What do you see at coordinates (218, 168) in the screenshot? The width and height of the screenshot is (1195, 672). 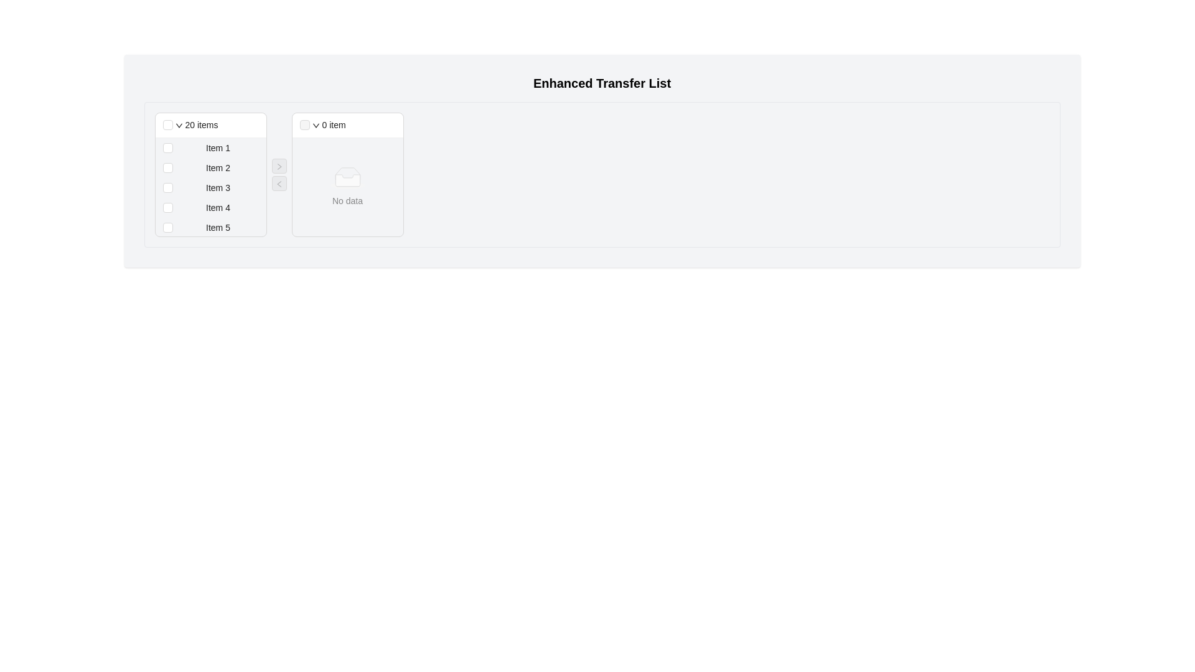 I see `text of the label located beneath '20 items' in the left column, which is the second item in the vertical list` at bounding box center [218, 168].